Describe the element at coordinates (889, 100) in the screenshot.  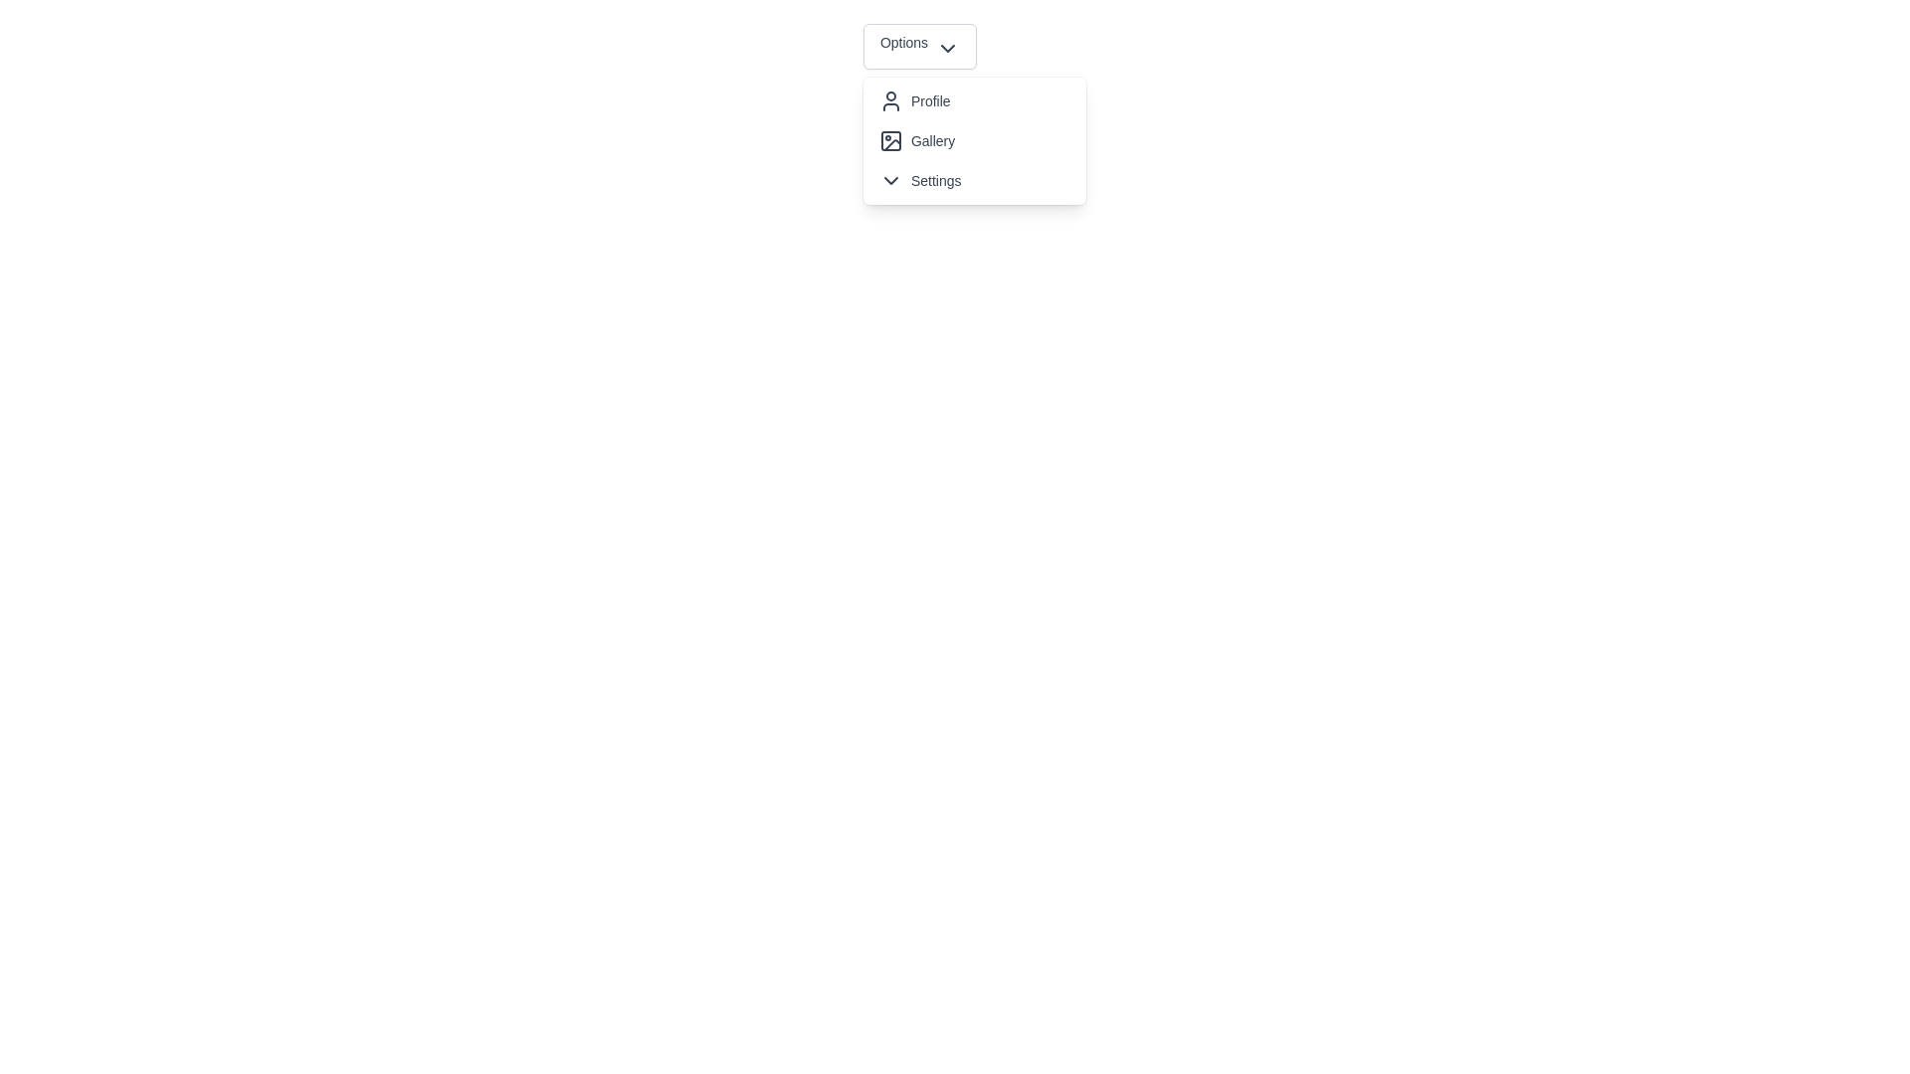
I see `the 'Profile' icon in the dropdown menu, which visually represents the 'Profile' section and is located to the left of the text 'Profile'` at that location.